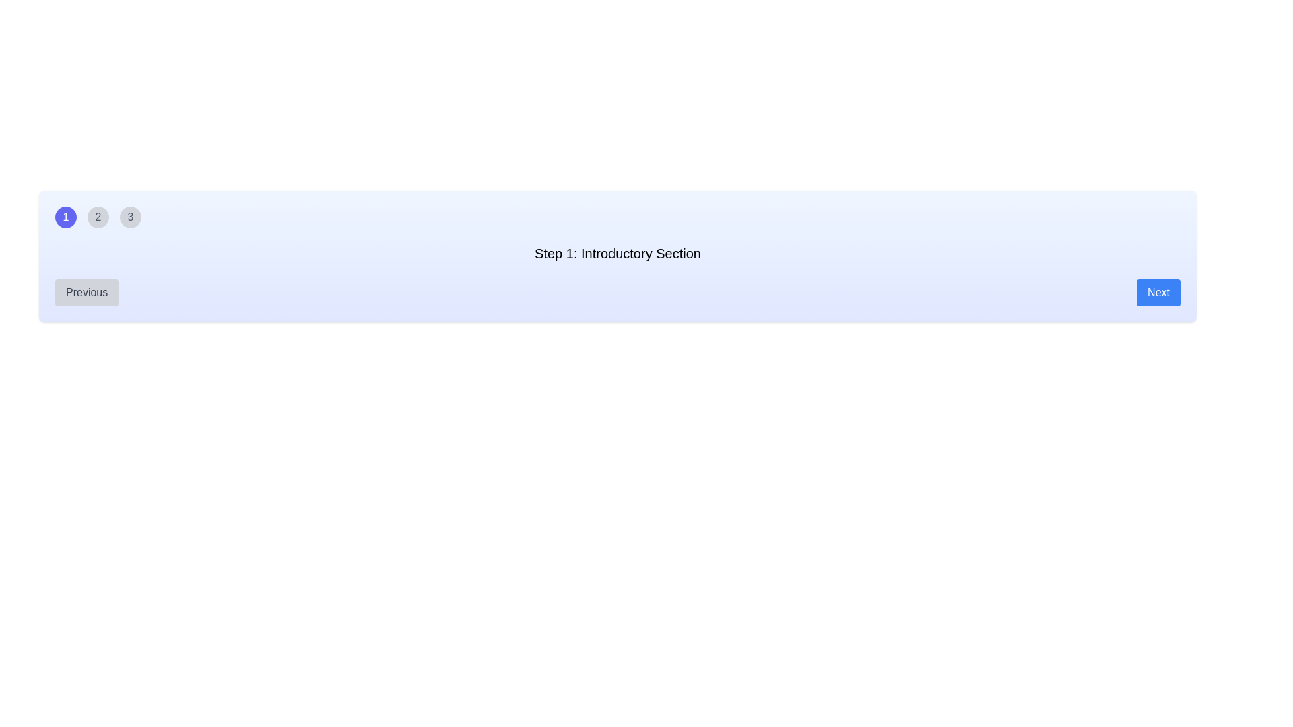  Describe the element at coordinates (86, 292) in the screenshot. I see `the 'Previous' button, which is a rectangular button with rounded corners, gray background, and darker gray text, located at the bottom-left corner of the interface` at that location.